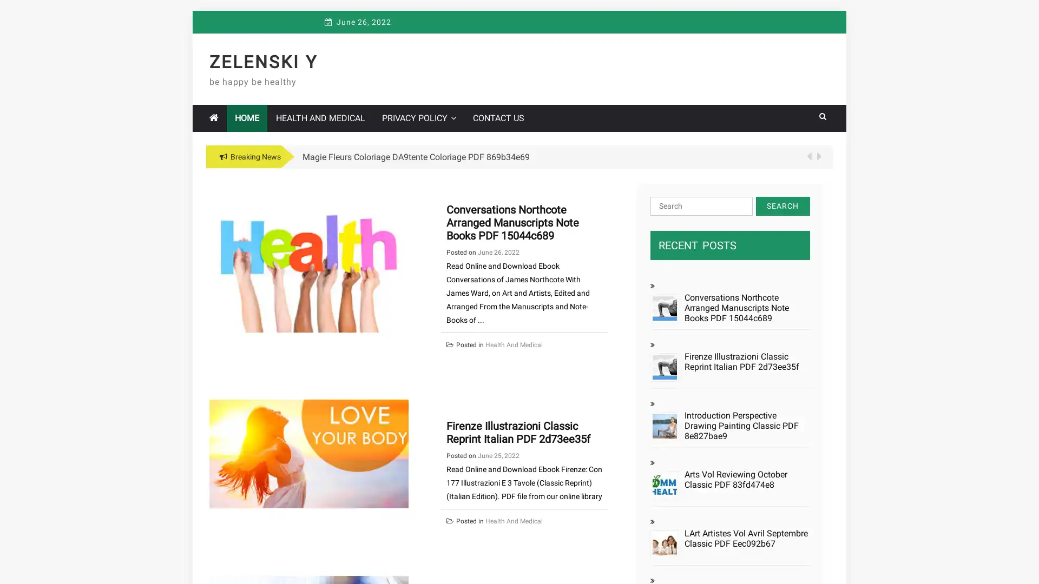 This screenshot has height=584, width=1039. Describe the element at coordinates (782, 205) in the screenshot. I see `Search` at that location.